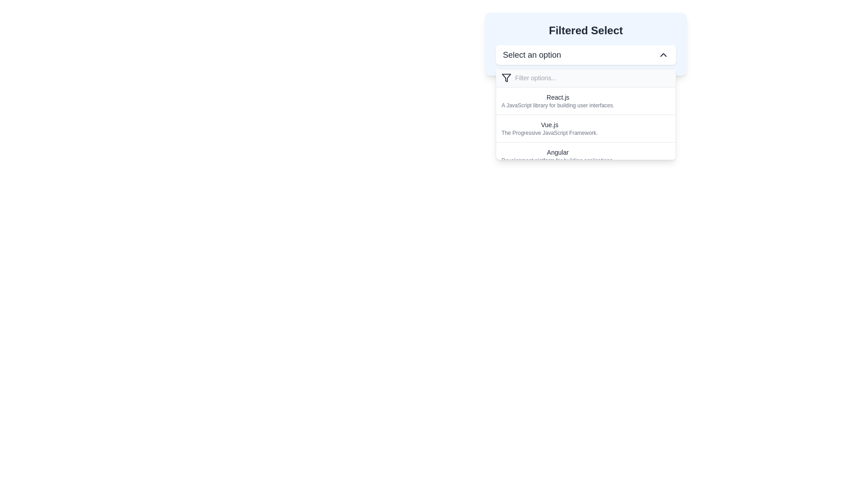 The width and height of the screenshot is (866, 487). What do you see at coordinates (557, 156) in the screenshot?
I see `the third option in the dropdown menu that allows users to select 'Angular', located beneath 'Vue.js'` at bounding box center [557, 156].